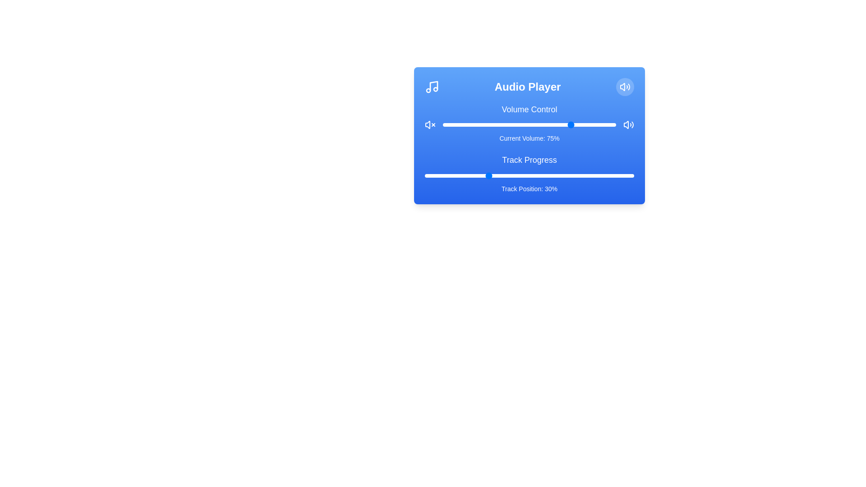 This screenshot has height=487, width=866. I want to click on the volume control icon located in the top right corner of the audio player interface card, so click(625, 87).